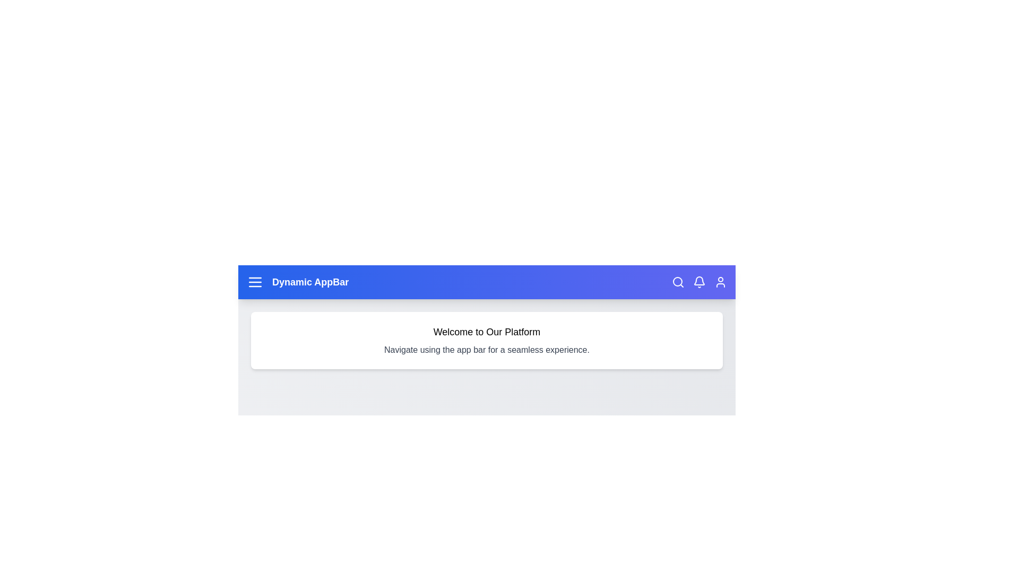 The width and height of the screenshot is (1019, 573). Describe the element at coordinates (677, 282) in the screenshot. I see `the 'Search' icon in the app bar` at that location.